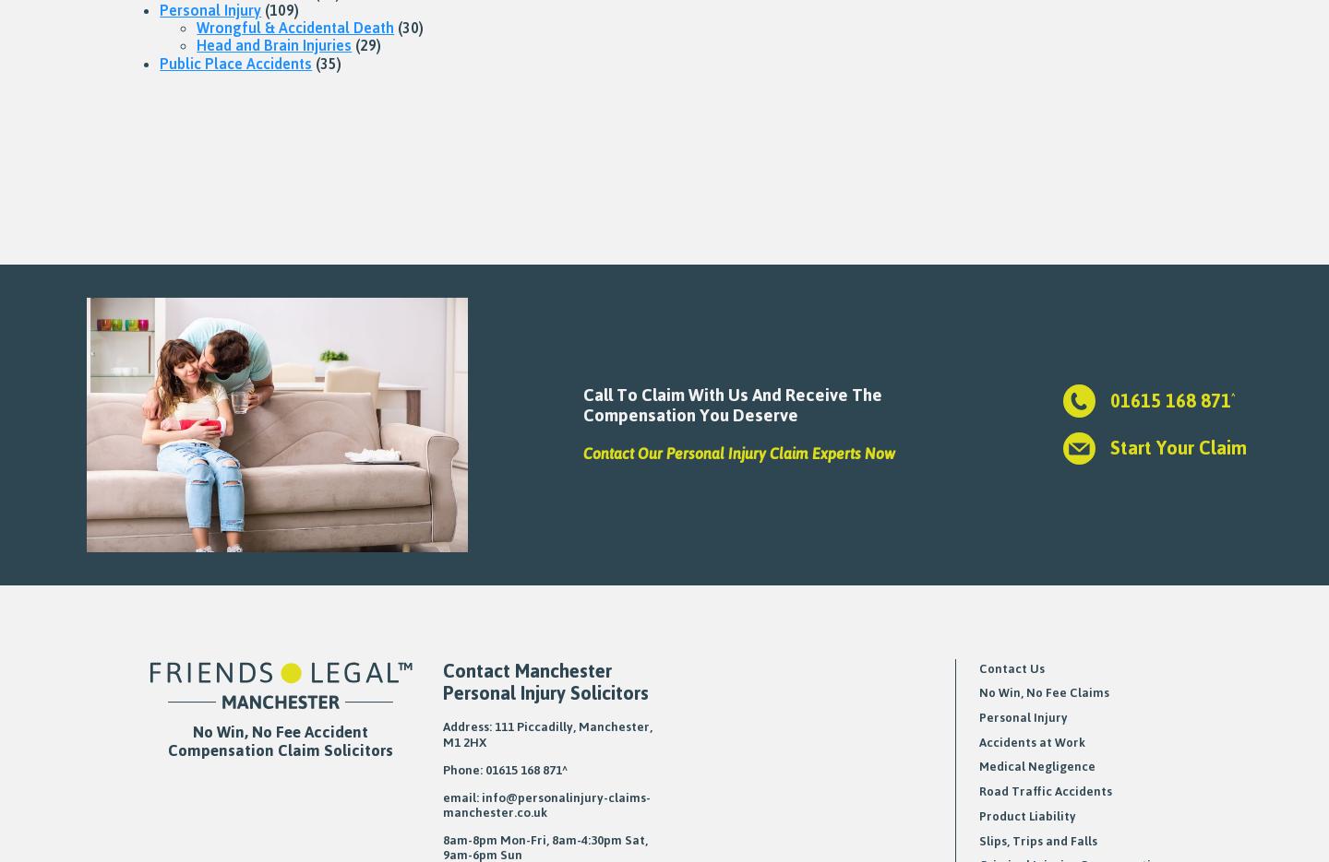 Image resolution: width=1329 pixels, height=862 pixels. I want to click on 'Start Your Claim', so click(1178, 447).